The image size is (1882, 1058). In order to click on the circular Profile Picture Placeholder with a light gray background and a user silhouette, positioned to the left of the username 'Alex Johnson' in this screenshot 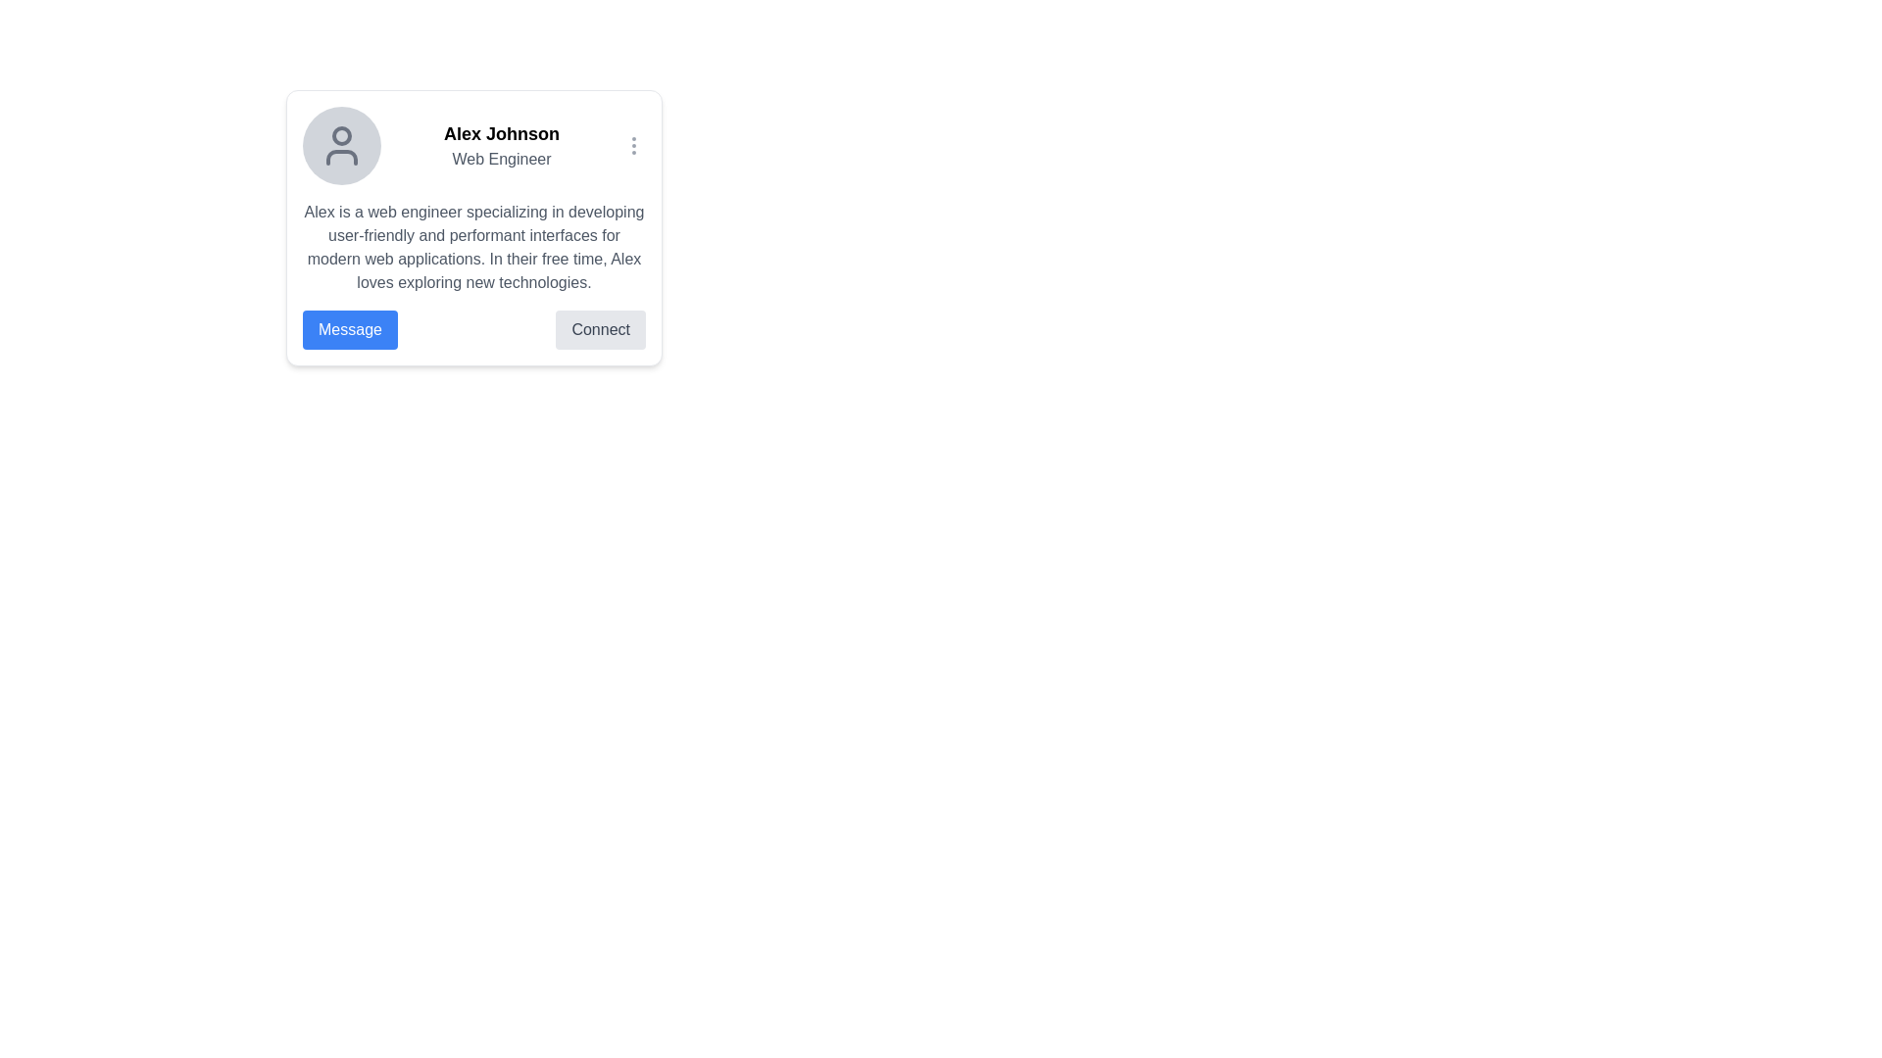, I will do `click(342, 145)`.